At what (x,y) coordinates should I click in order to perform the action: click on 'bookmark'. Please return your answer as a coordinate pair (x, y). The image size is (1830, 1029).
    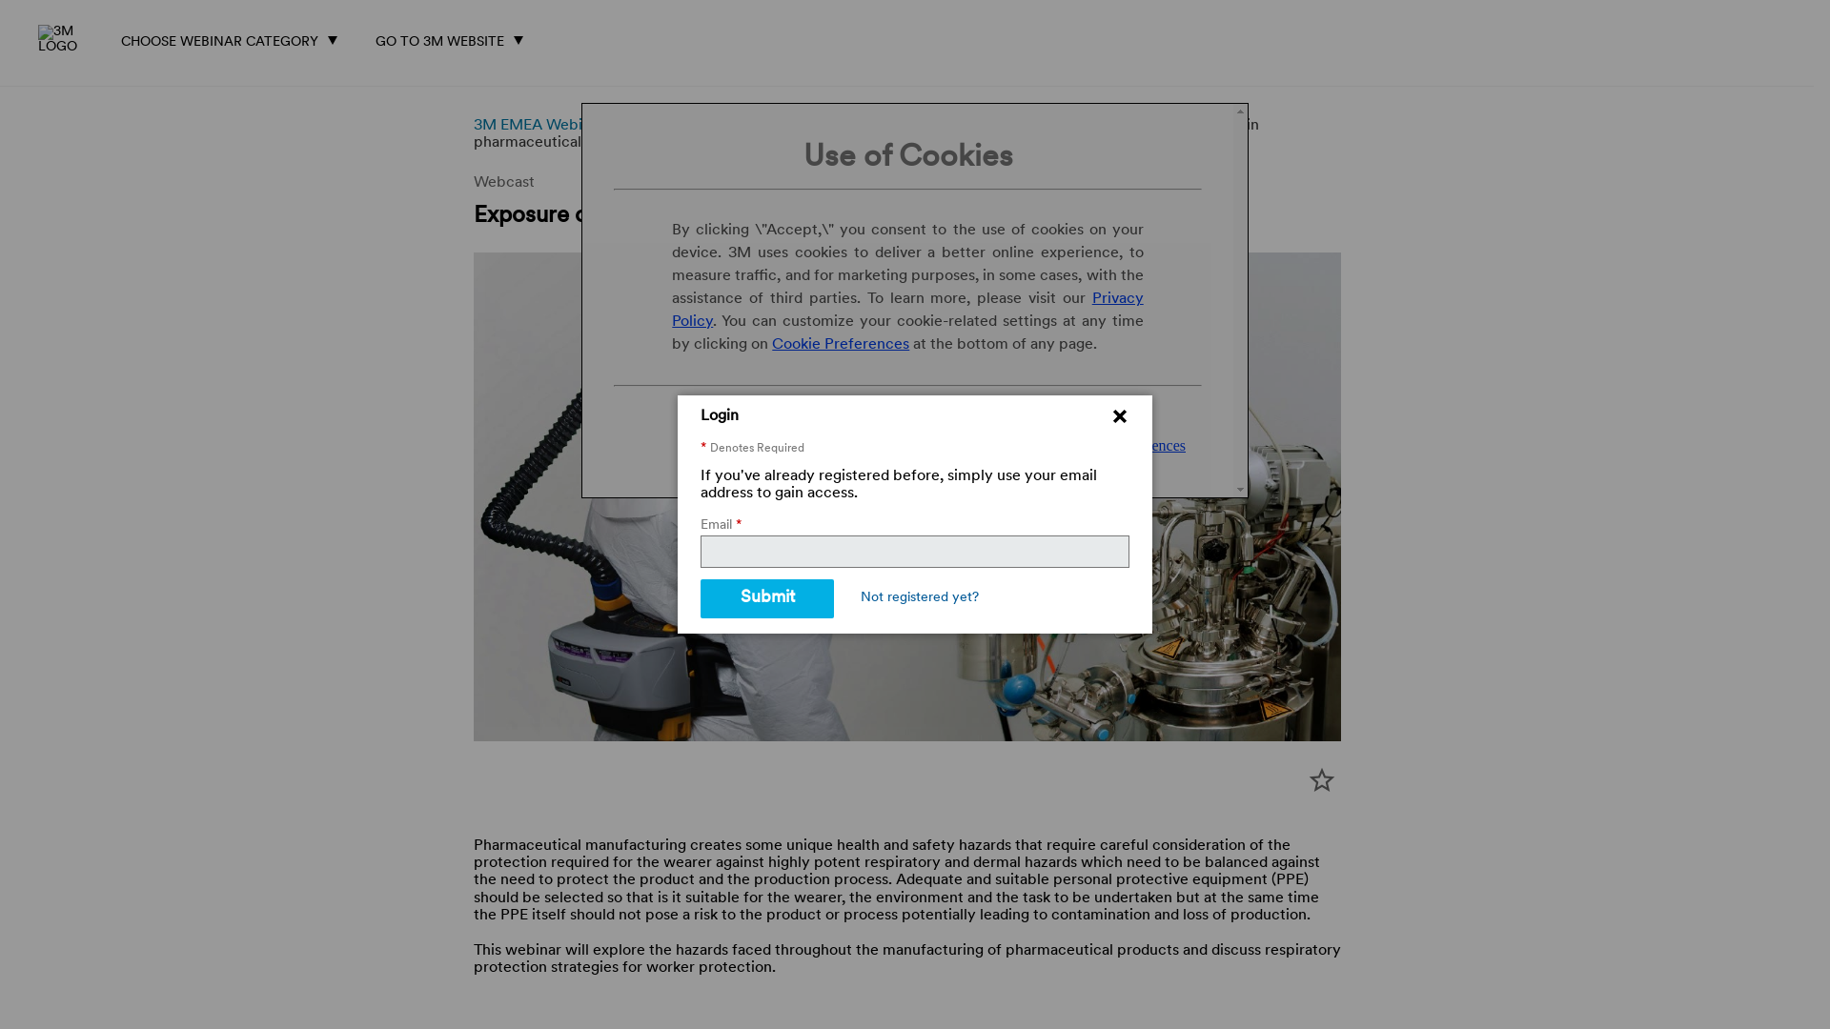
    Looking at the image, I should click on (1320, 779).